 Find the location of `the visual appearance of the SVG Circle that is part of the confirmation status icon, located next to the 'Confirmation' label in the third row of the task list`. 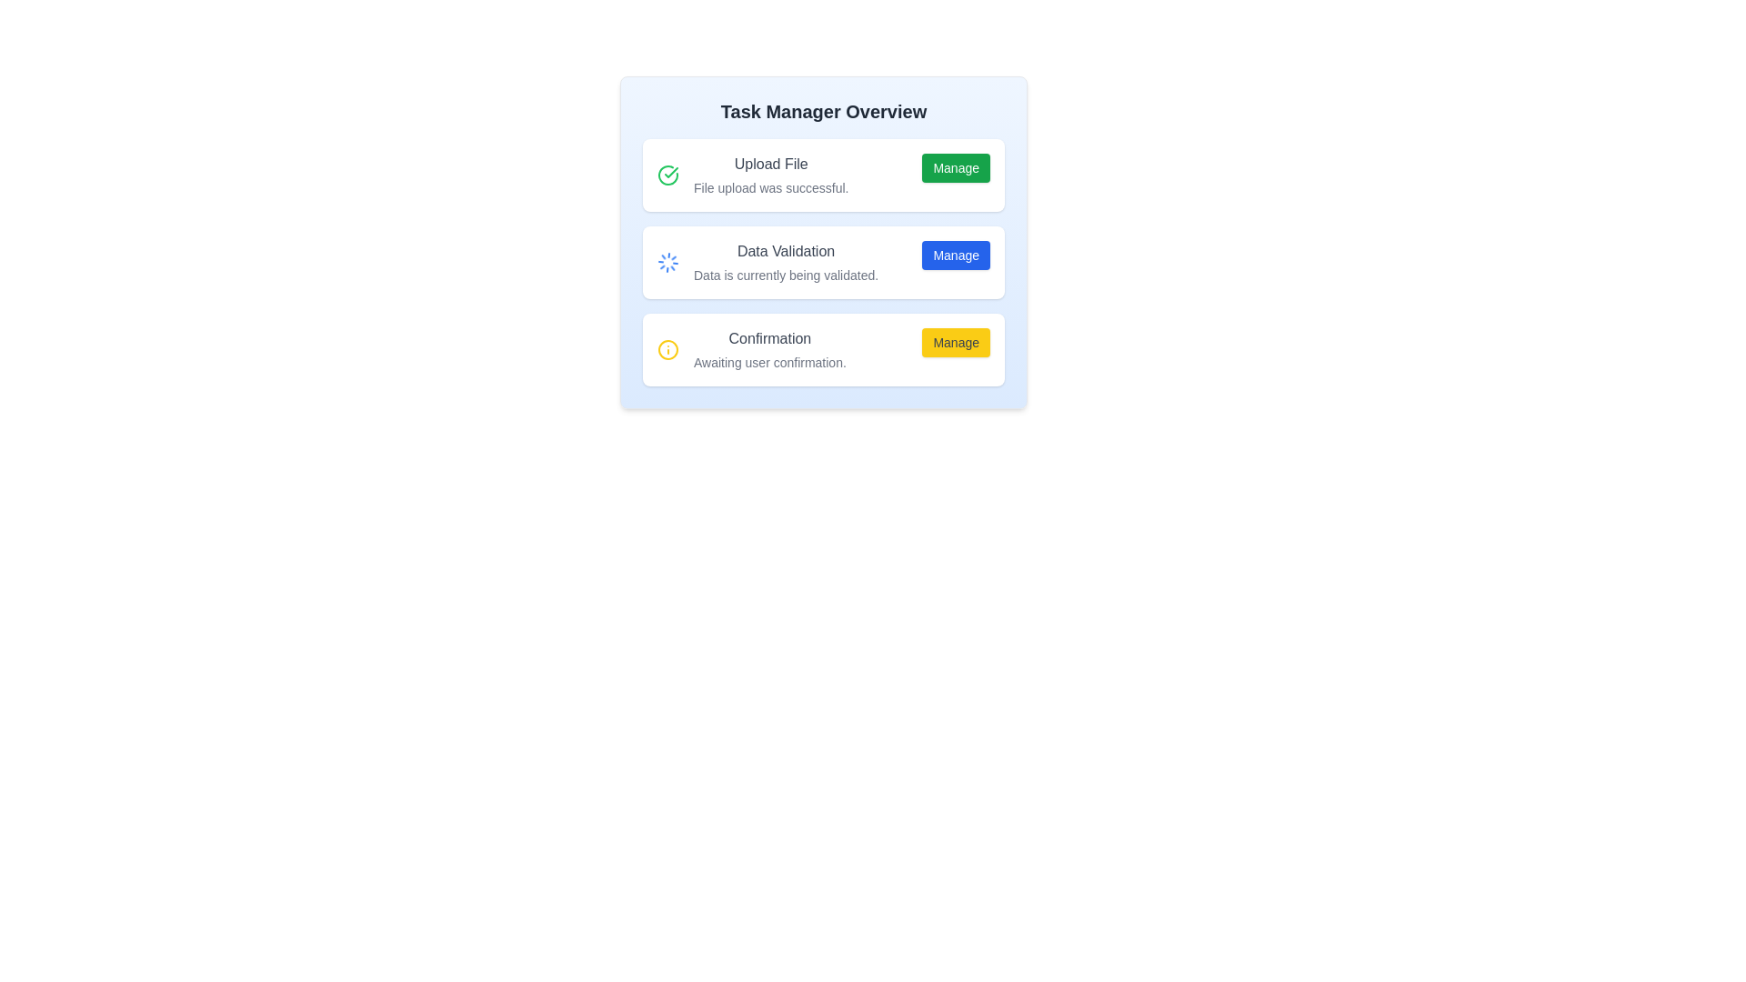

the visual appearance of the SVG Circle that is part of the confirmation status icon, located next to the 'Confirmation' label in the third row of the task list is located at coordinates (667, 350).